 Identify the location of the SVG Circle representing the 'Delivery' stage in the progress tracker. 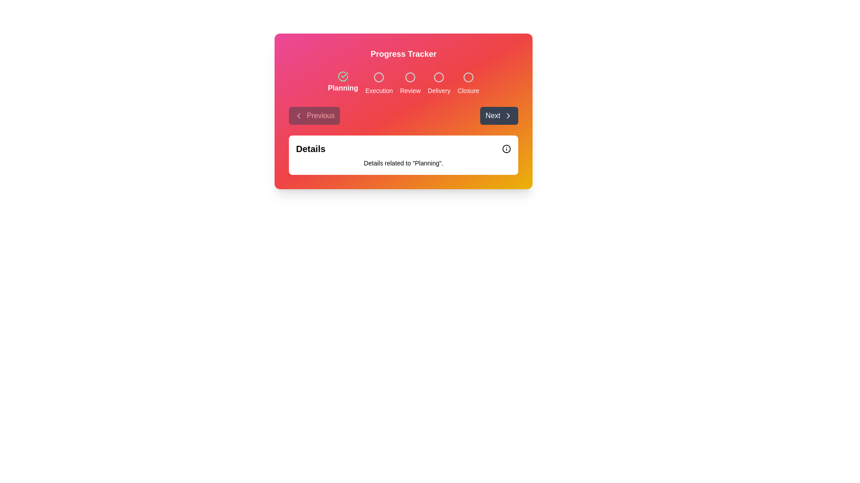
(439, 77).